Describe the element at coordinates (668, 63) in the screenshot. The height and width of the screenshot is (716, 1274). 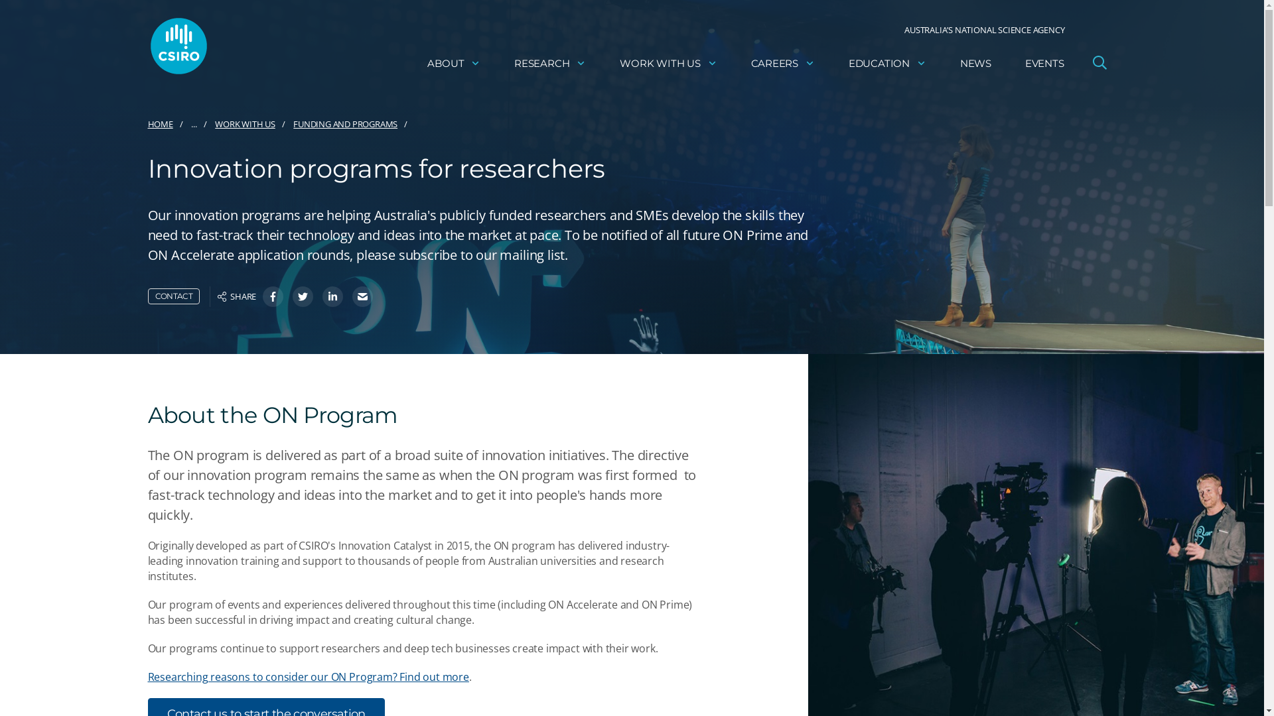
I see `'WORK WITH US'` at that location.